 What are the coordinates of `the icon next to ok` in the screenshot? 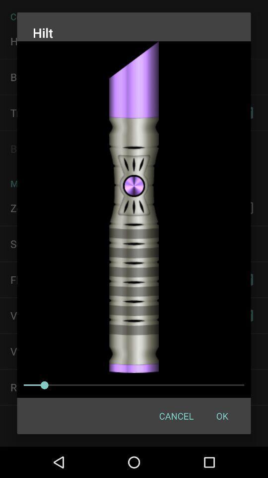 It's located at (176, 416).